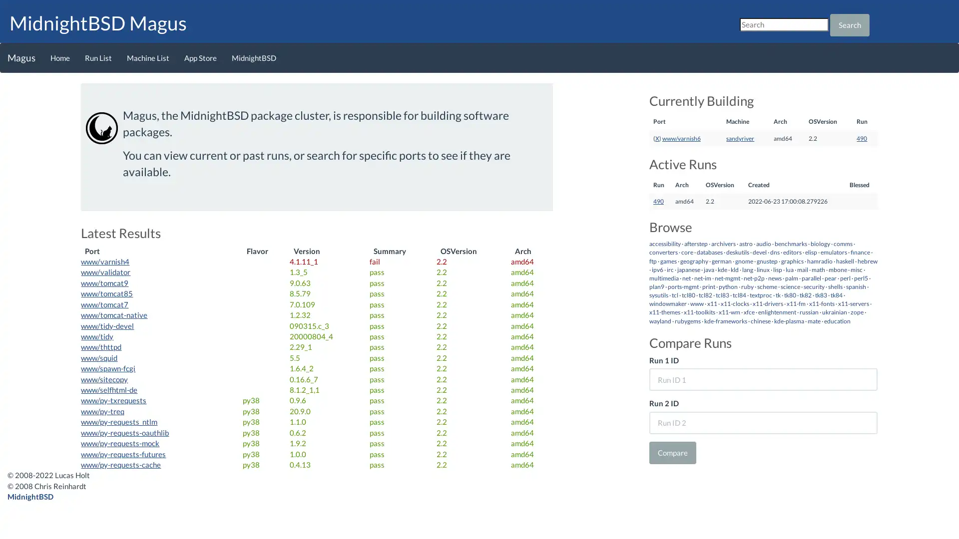 The width and height of the screenshot is (959, 539). Describe the element at coordinates (849, 24) in the screenshot. I see `Search` at that location.